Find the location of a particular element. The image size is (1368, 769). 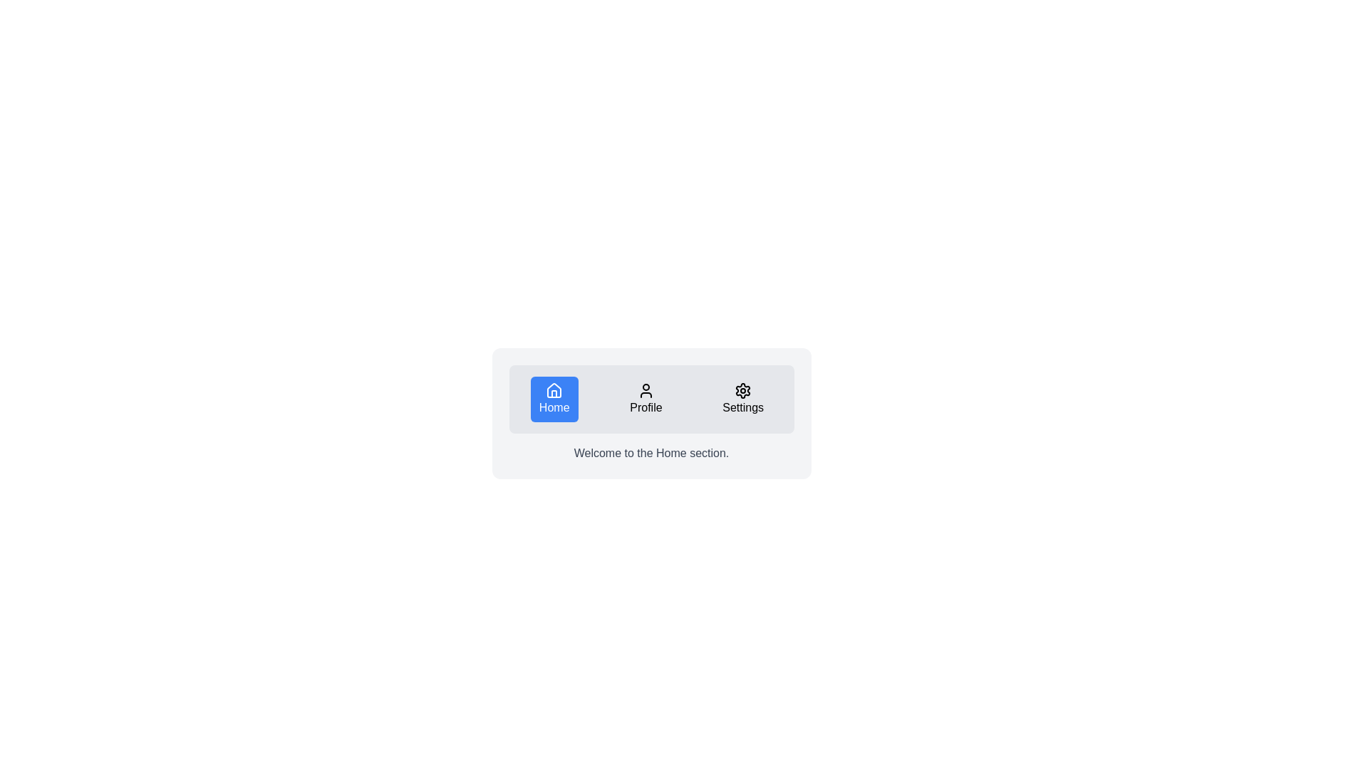

the decorative graphic representing a house structure within the 'Home' button icon located on the far left of the navigation bar is located at coordinates (554, 394).